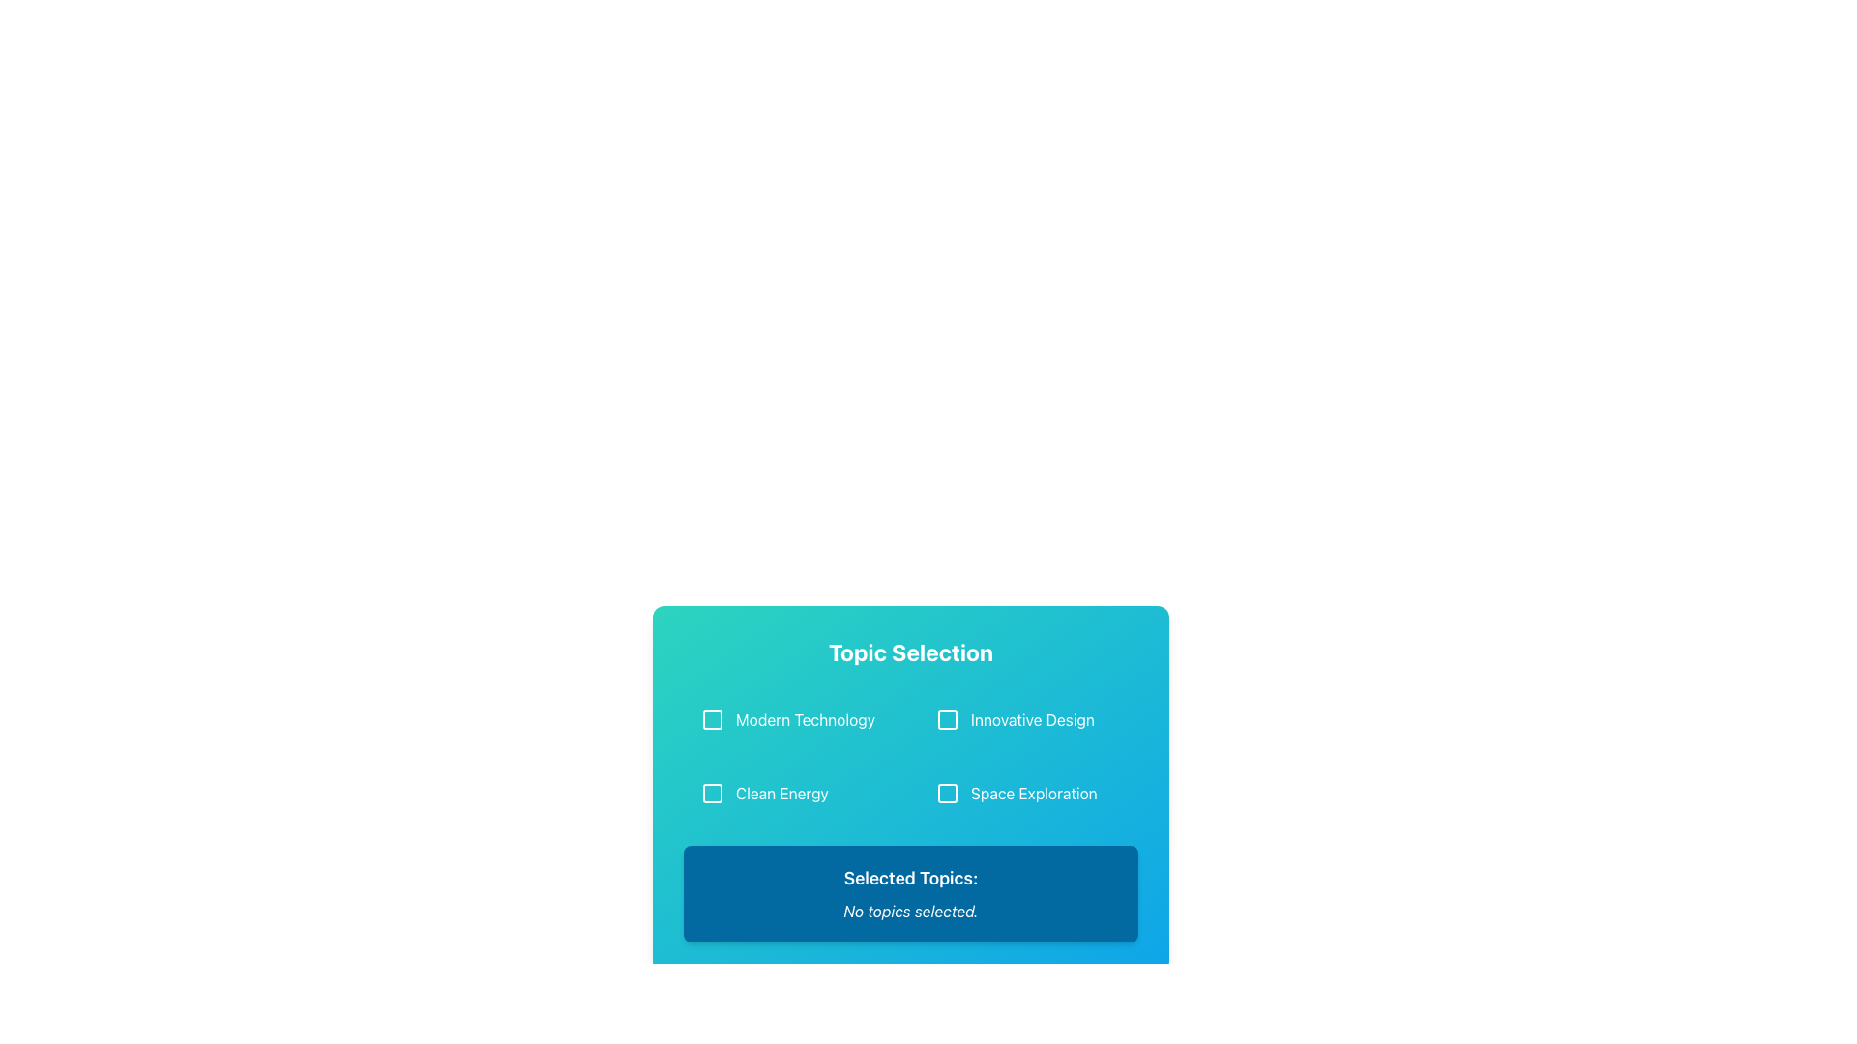 This screenshot has width=1857, height=1044. Describe the element at coordinates (1027, 719) in the screenshot. I see `the selectable list item with checkbox labeled 'Innovative Design' to change its background color` at that location.